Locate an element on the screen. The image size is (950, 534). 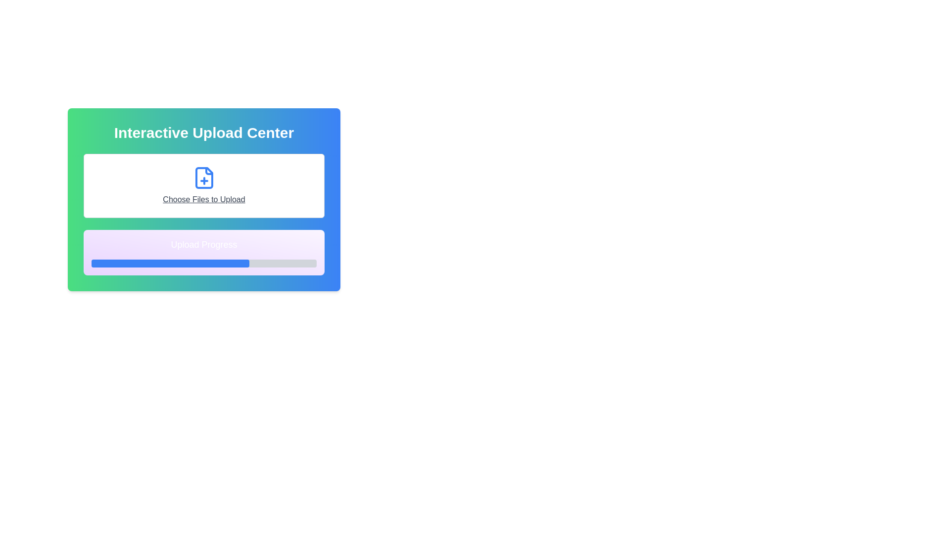
the document with a plus sign SVG icon is located at coordinates (203, 177).